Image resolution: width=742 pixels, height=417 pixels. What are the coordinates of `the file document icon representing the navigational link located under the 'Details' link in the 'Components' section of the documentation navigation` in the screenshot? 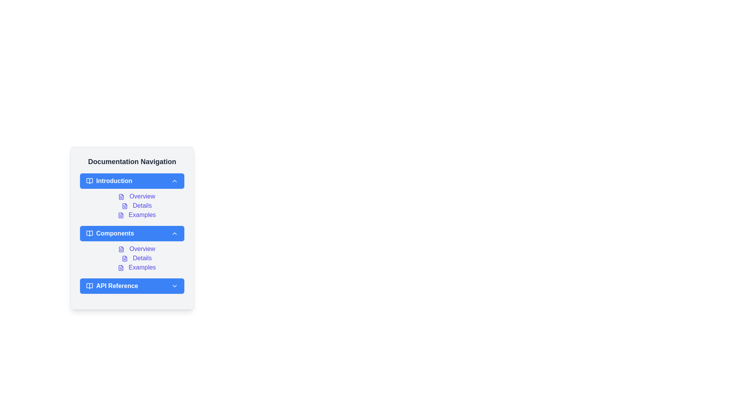 It's located at (125, 258).